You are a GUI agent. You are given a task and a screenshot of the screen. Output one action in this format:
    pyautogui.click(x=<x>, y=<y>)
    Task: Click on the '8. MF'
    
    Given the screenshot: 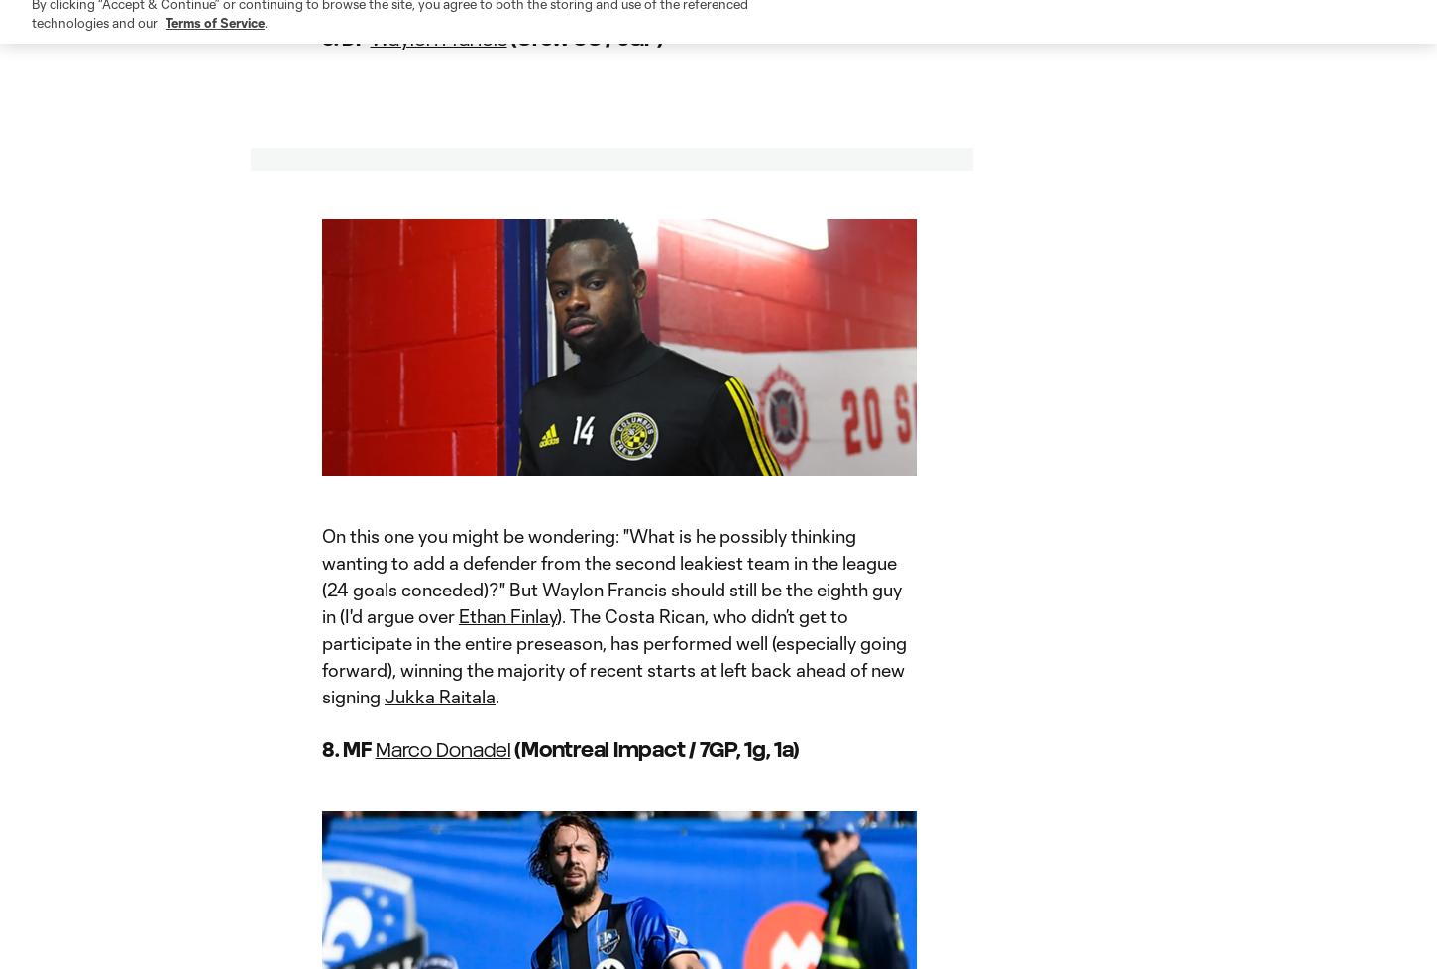 What is the action you would take?
    pyautogui.click(x=348, y=748)
    